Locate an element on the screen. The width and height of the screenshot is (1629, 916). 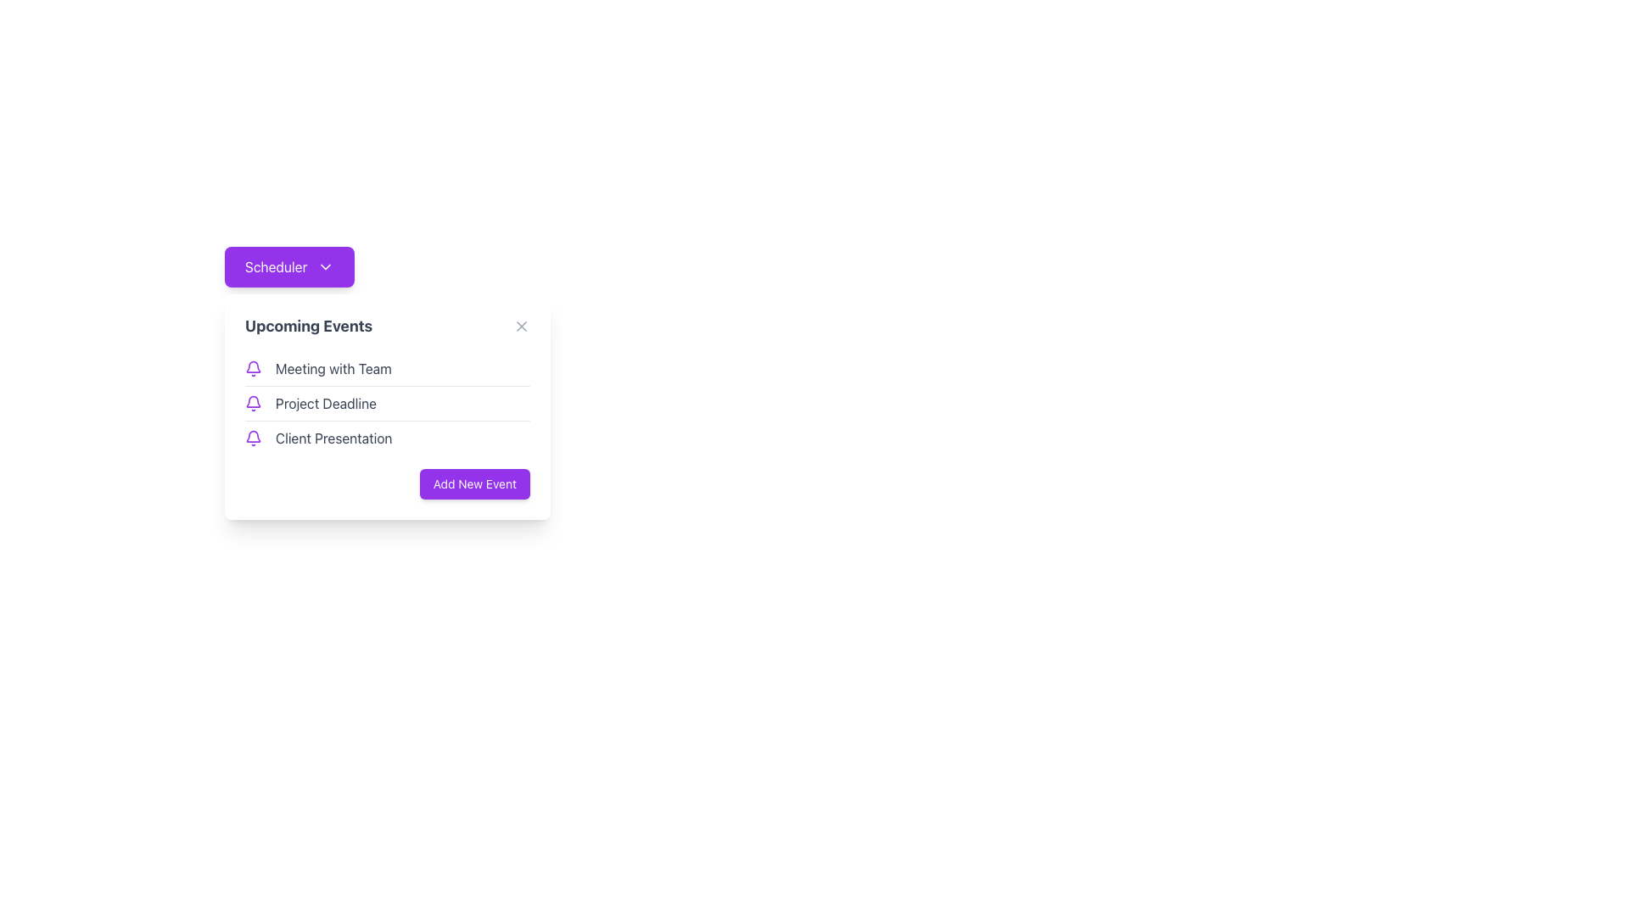
the button with a purple background and white text labeled 'Add New Event' located at the bottom-right corner of the 'Upcoming Events' modal to observe the hover effect is located at coordinates (474, 483).